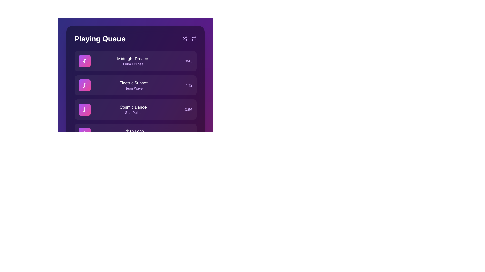 This screenshot has height=272, width=485. I want to click on the progress update of the progress bar with timestamps, which is a thin horizontal line with a gradient from purple to pink and has timestamps '0:00' and '3:45' below it, so click(135, 206).